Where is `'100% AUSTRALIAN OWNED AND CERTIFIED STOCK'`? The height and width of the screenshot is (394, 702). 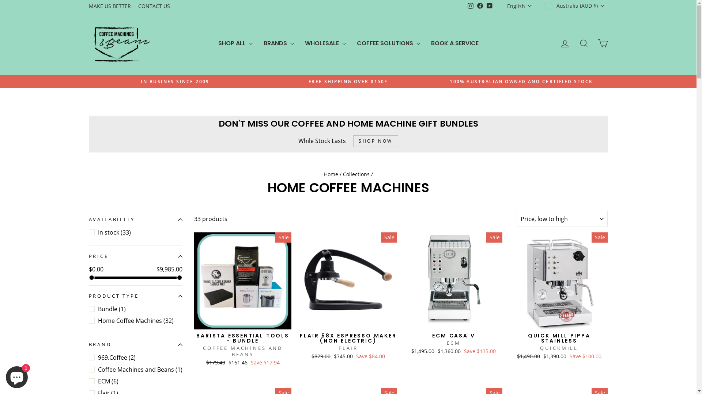 '100% AUSTRALIAN OWNED AND CERTIFIED STOCK' is located at coordinates (521, 81).